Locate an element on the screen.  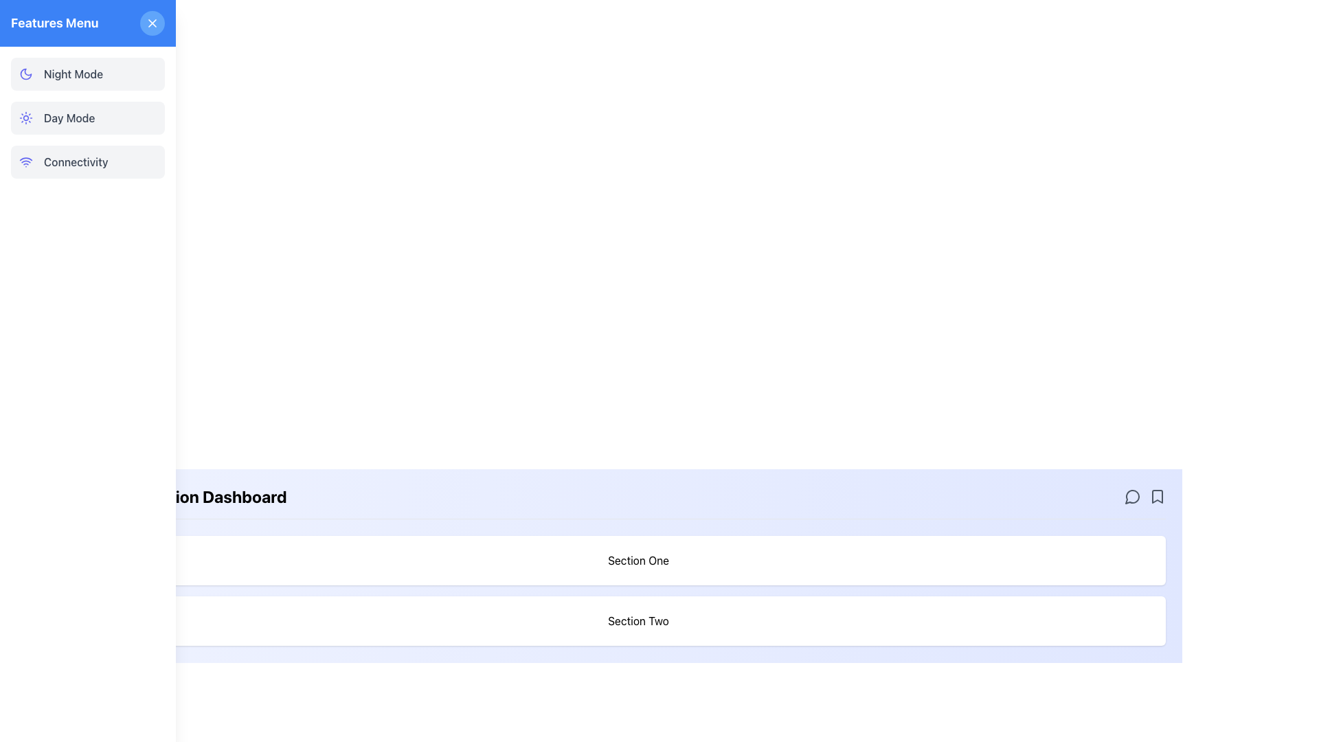
the 'Connectivity' button, which is the third item in the vertical menu list, featuring a Wi-Fi icon and bold medium grey text is located at coordinates (87, 161).